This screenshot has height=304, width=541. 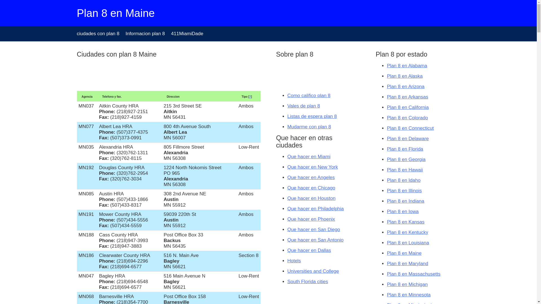 What do you see at coordinates (287, 209) in the screenshot?
I see `'Que hacer en Philadelphia'` at bounding box center [287, 209].